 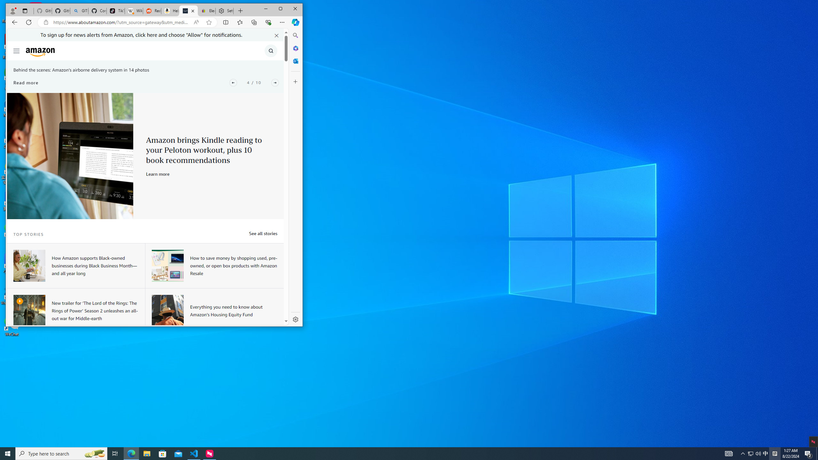 What do you see at coordinates (28, 265) in the screenshot?
I see `'A woman sitting at a desk working on a laptop device.'` at bounding box center [28, 265].